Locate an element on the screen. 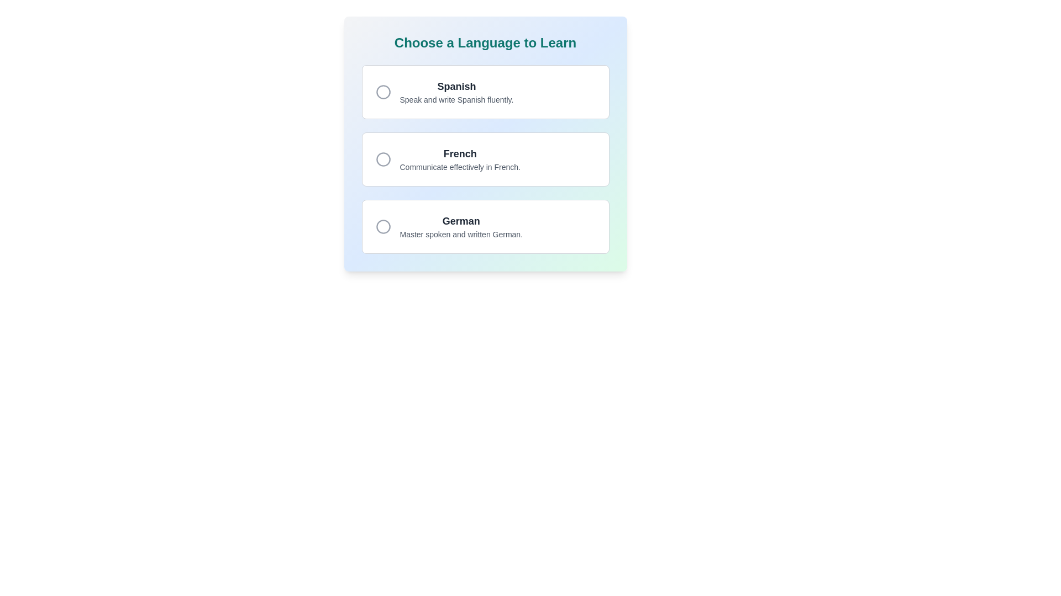 The image size is (1061, 596). the text label that serves as the title for the selection card associated with the 'French' language learning option, centrally aligned within the interface is located at coordinates (460, 153).